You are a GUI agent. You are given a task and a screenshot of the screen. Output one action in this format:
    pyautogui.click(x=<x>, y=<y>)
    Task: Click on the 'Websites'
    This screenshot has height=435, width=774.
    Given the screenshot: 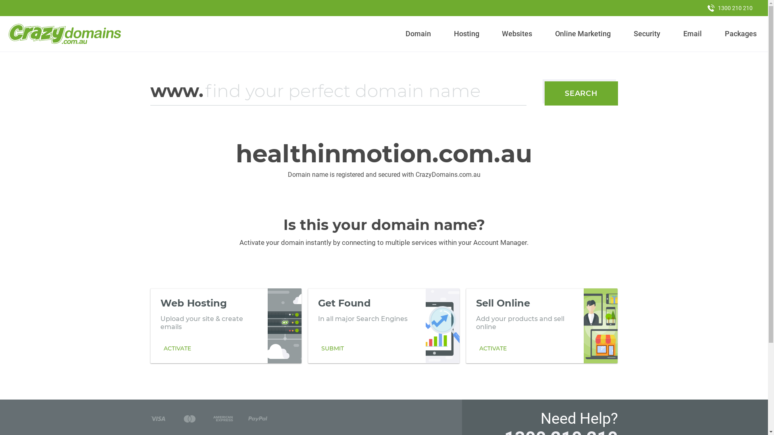 What is the action you would take?
    pyautogui.click(x=517, y=33)
    